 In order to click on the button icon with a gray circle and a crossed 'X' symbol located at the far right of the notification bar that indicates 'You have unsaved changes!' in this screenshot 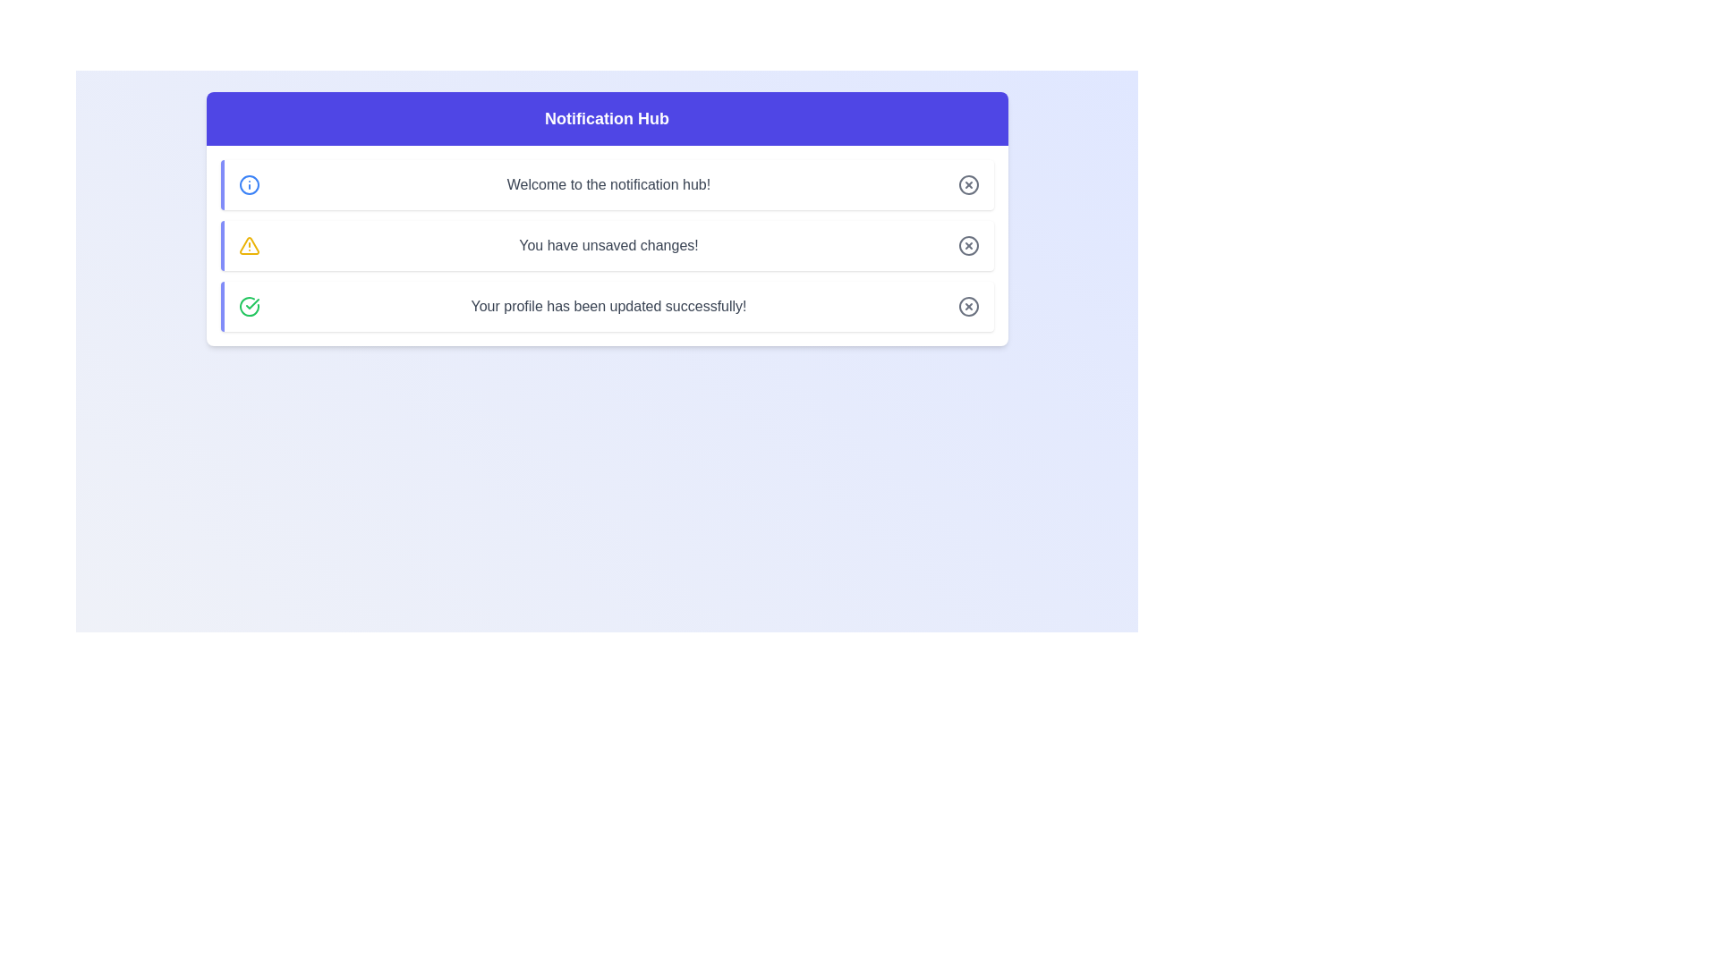, I will do `click(967, 245)`.